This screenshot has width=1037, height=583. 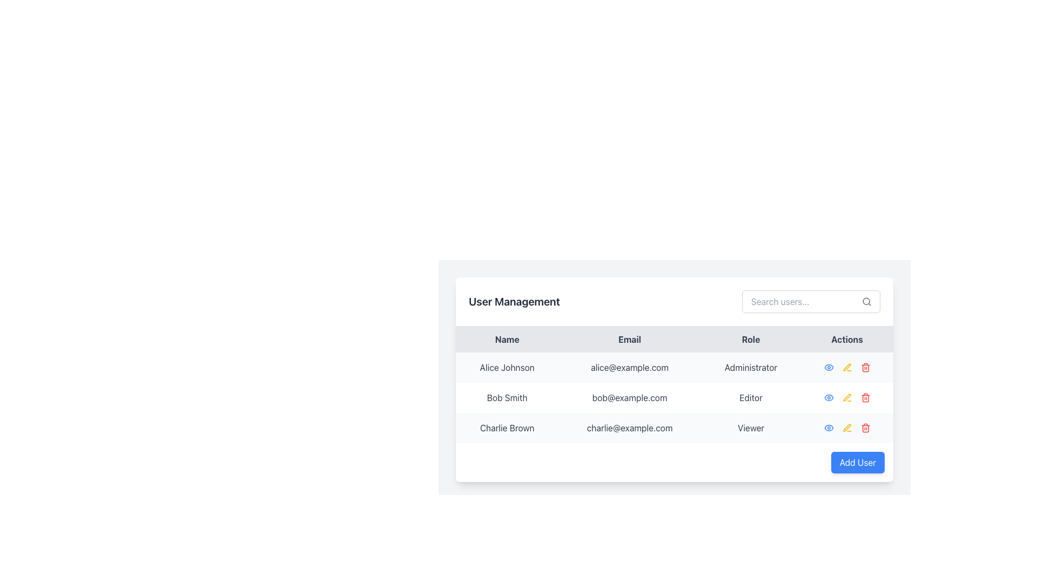 I want to click on the blue eye icon in the group of action buttons located in the 'Actions' column of the last row for user 'Charlie Brown', so click(x=846, y=428).